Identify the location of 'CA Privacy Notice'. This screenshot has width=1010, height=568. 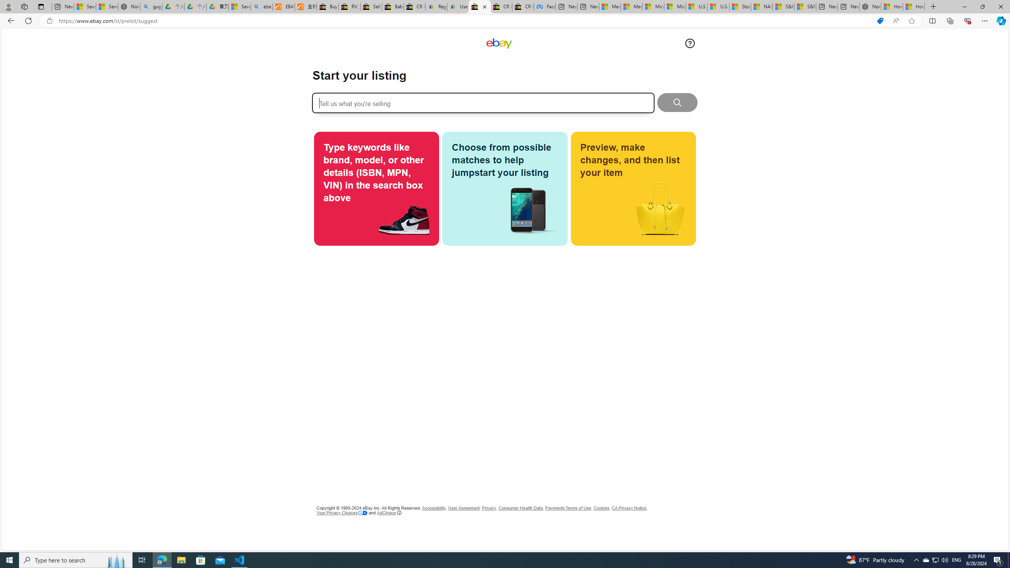
(628, 508).